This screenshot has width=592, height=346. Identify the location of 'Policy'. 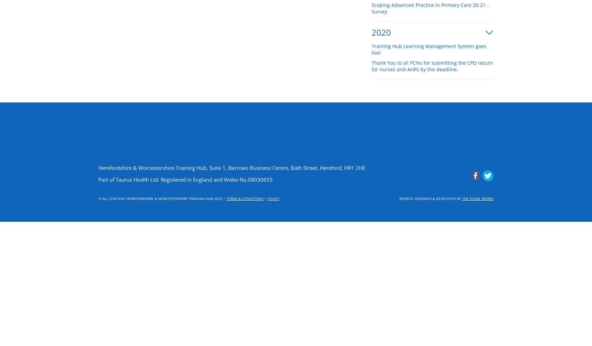
(273, 198).